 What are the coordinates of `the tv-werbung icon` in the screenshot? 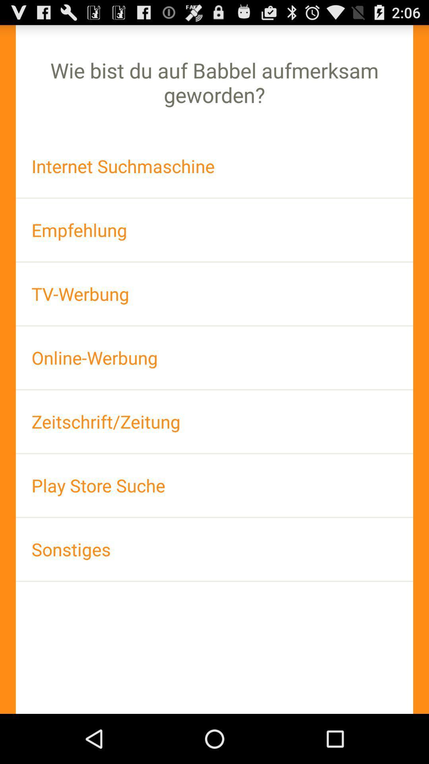 It's located at (214, 293).